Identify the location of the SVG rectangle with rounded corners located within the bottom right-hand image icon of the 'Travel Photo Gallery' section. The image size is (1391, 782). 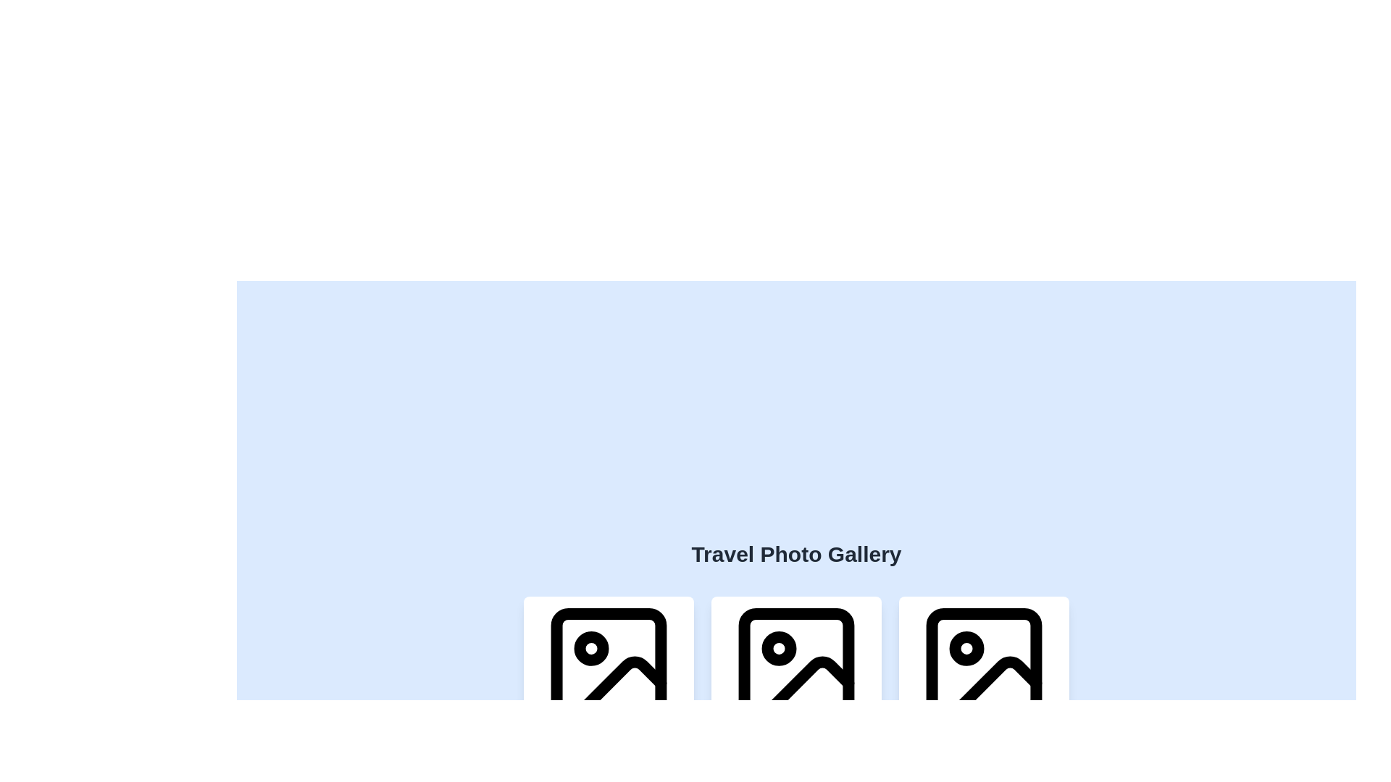
(984, 666).